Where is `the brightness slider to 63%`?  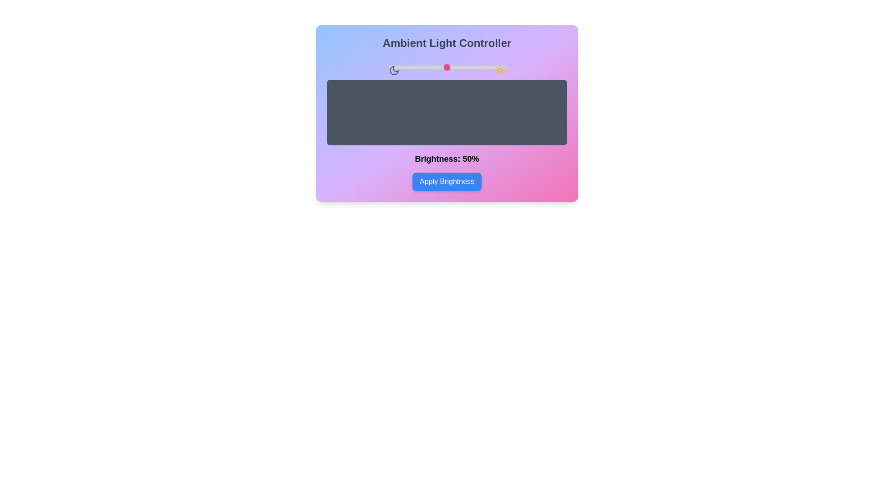 the brightness slider to 63% is located at coordinates (462, 67).